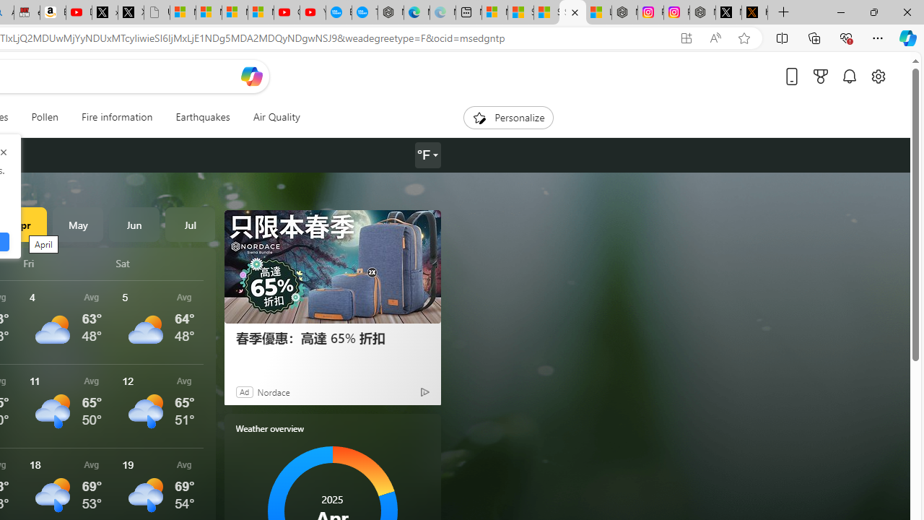  Describe the element at coordinates (546, 12) in the screenshot. I see `'Shanghai, China hourly forecast | Microsoft Weather'` at that location.